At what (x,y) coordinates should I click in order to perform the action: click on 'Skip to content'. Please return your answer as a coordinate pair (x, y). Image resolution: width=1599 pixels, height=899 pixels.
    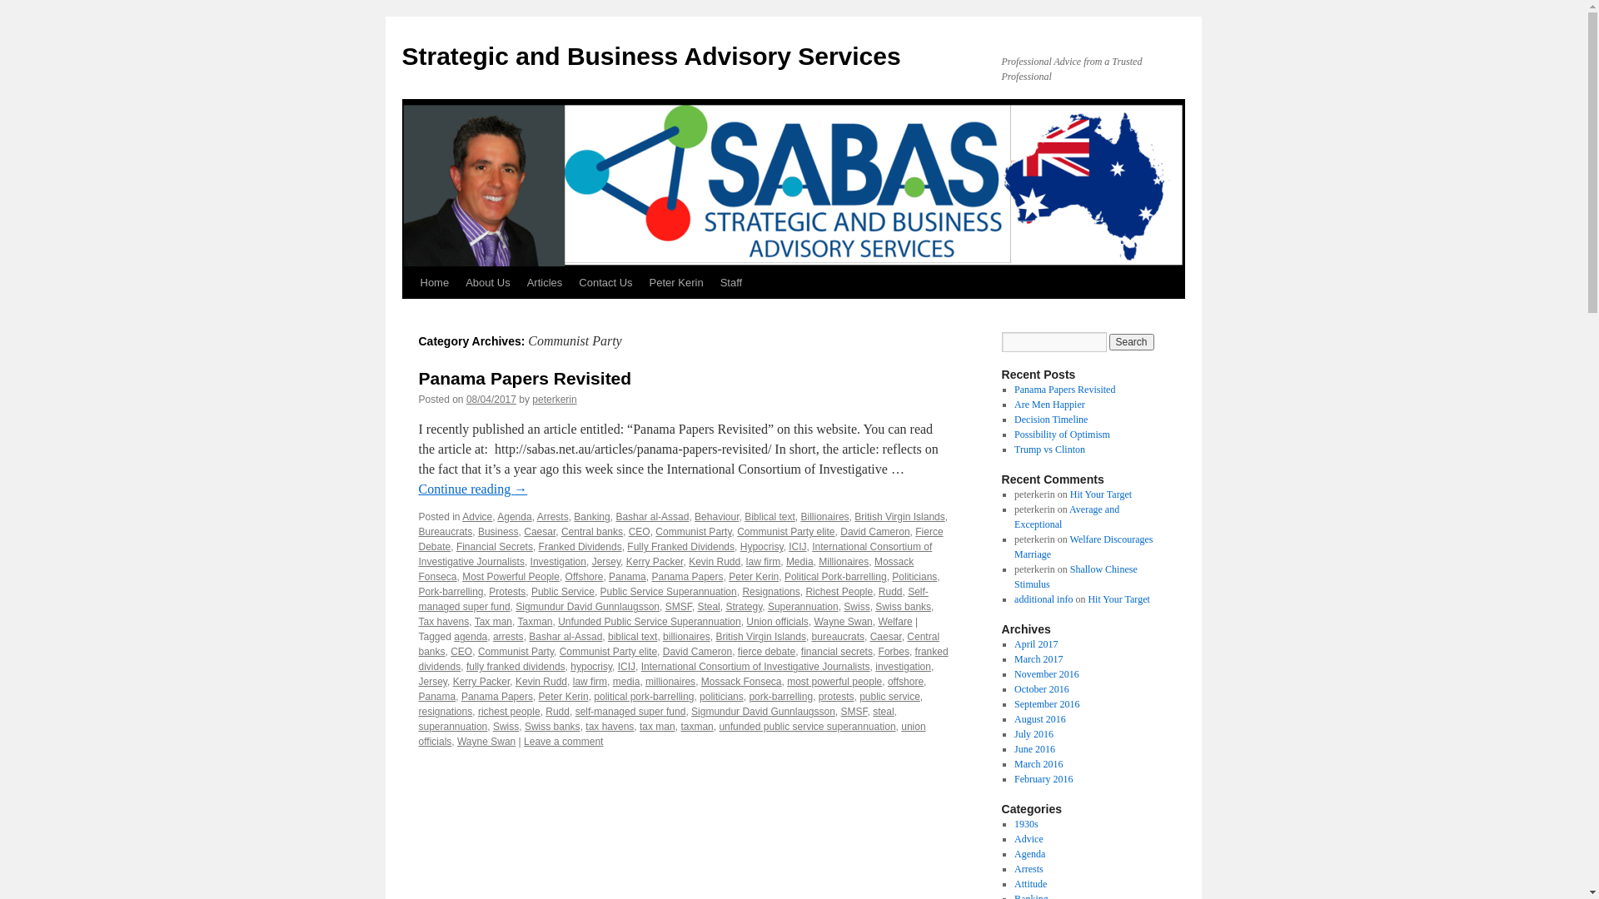
    Looking at the image, I should click on (409, 314).